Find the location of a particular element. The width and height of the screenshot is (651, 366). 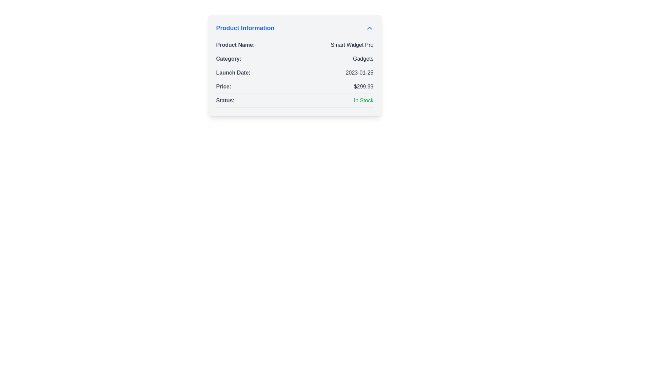

the 'Status:' text label which is displayed in bold and dark gray font, positioned to the left of the 'In Stock' label is located at coordinates (225, 101).